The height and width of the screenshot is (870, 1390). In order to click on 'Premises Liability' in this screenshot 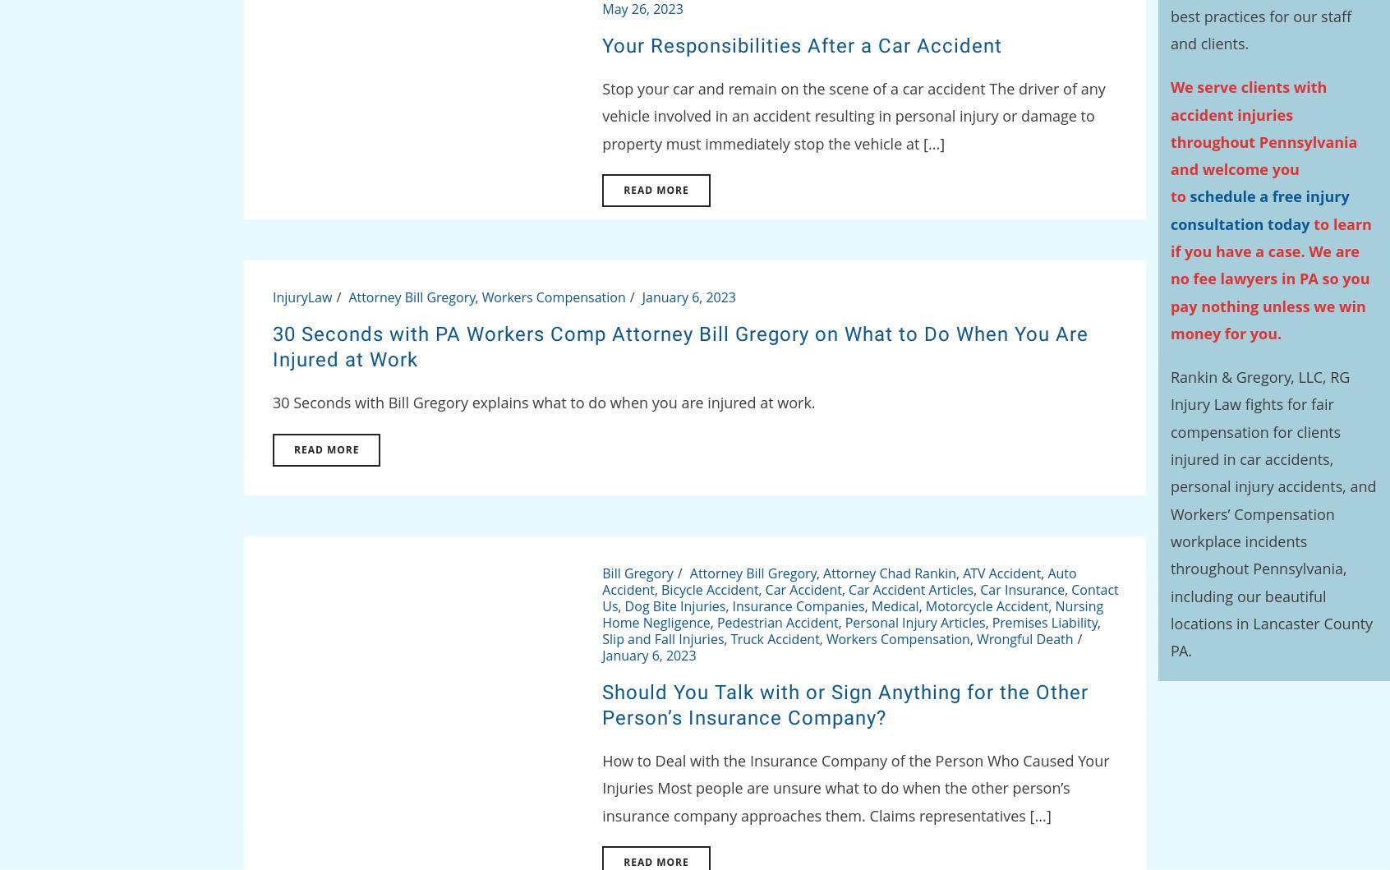, I will do `click(1043, 620)`.